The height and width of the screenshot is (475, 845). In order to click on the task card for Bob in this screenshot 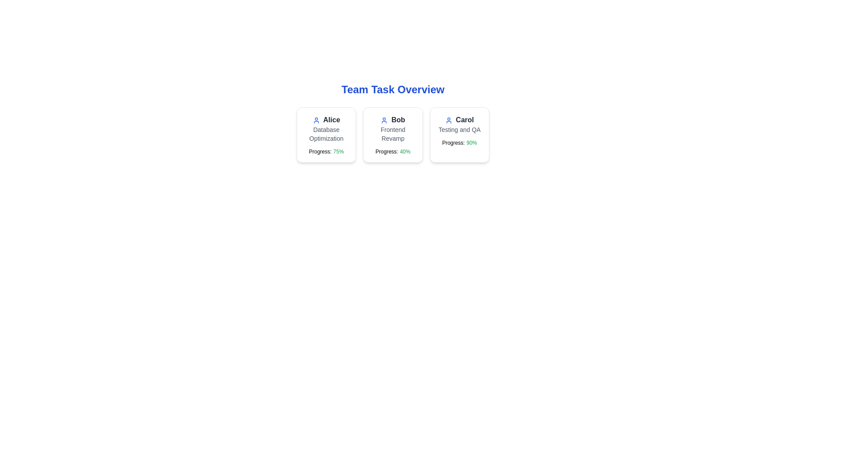, I will do `click(392, 135)`.